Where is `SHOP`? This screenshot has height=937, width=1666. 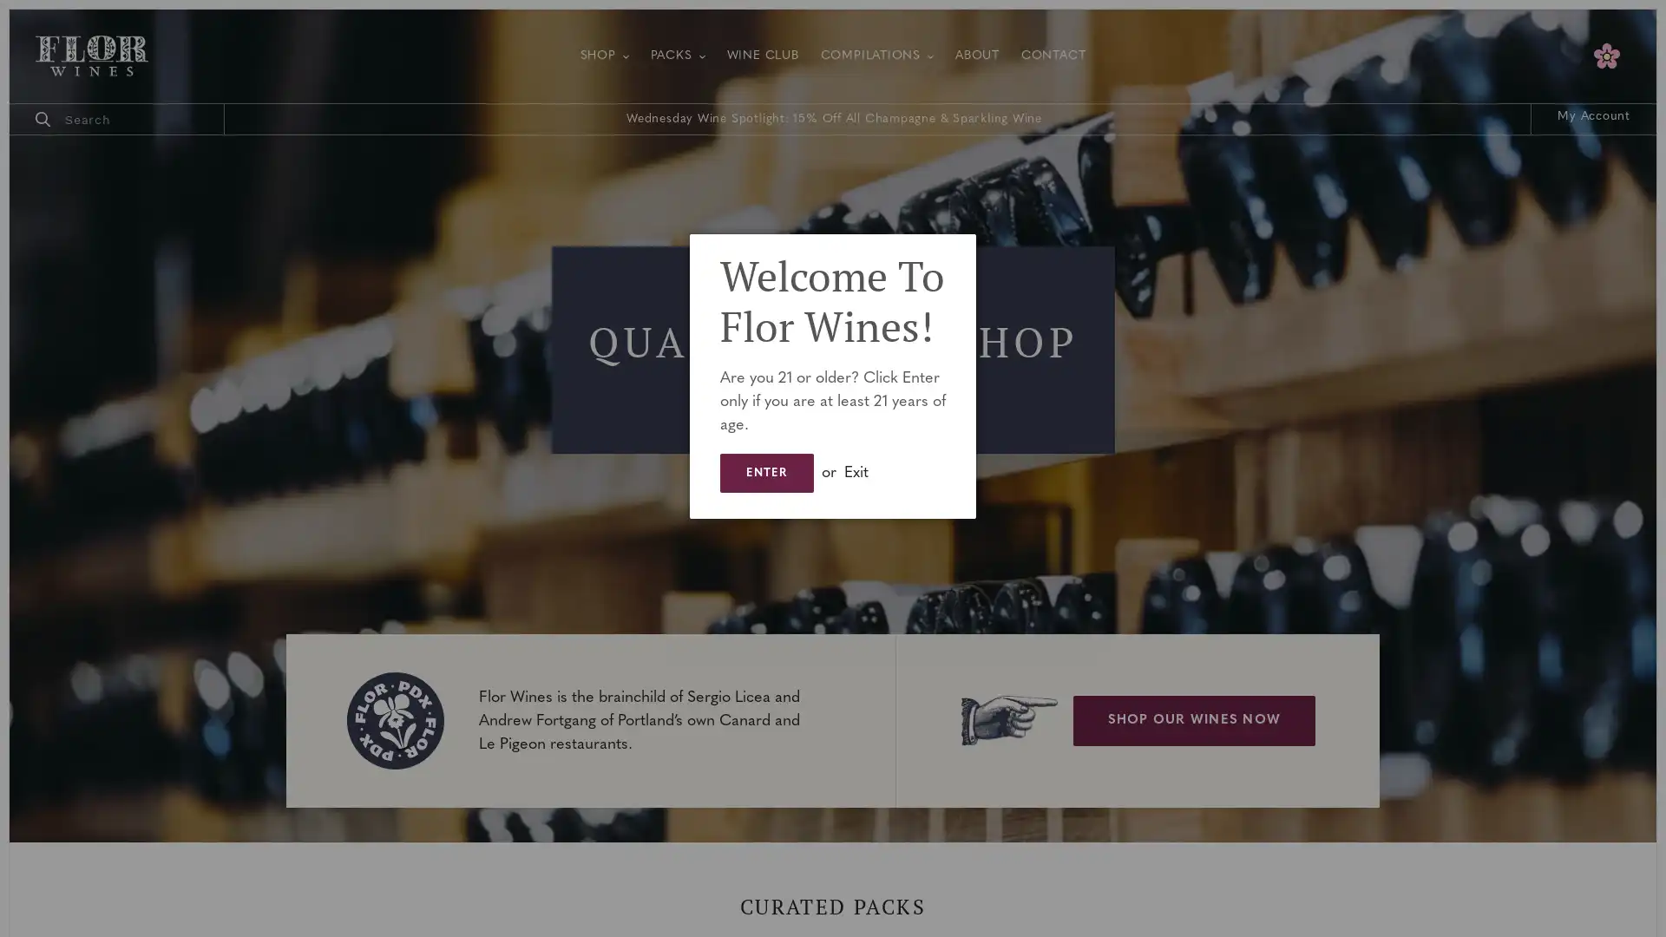 SHOP is located at coordinates (604, 55).